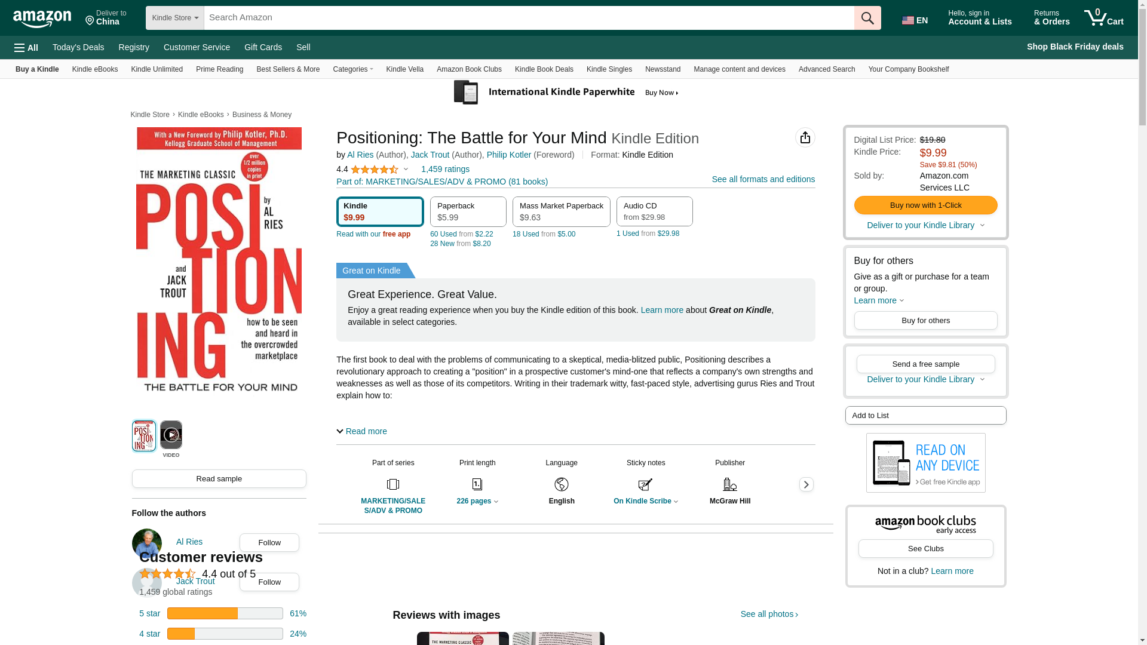  Describe the element at coordinates (925, 379) in the screenshot. I see `'Deliver to your Kindle Library'` at that location.